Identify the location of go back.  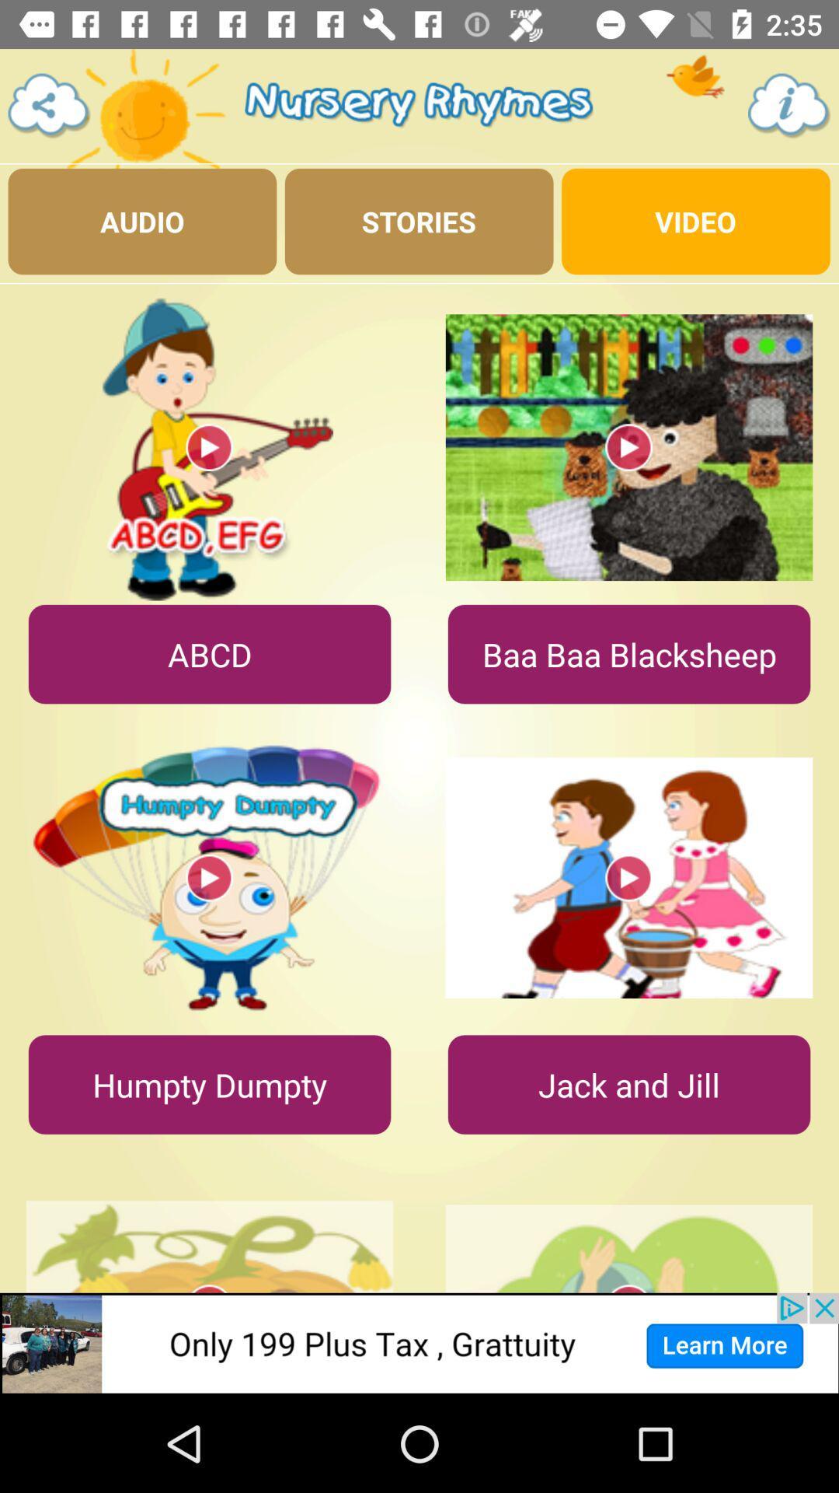
(48, 105).